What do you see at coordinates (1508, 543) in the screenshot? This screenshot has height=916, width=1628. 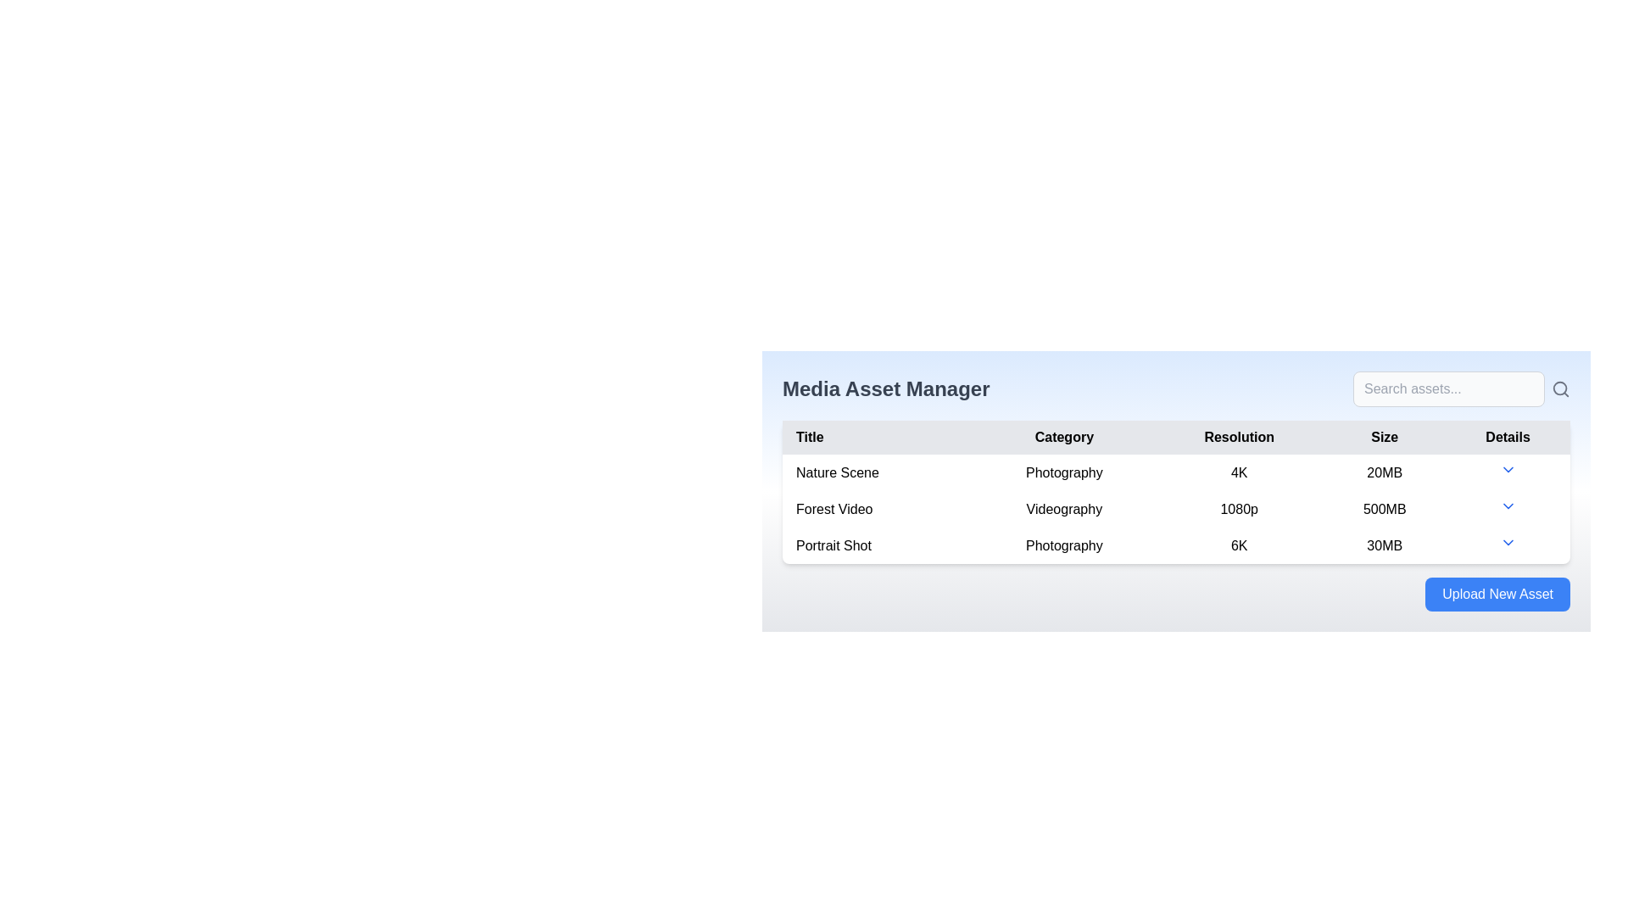 I see `the downward-facing blue arrow icon in the third dropdown indicator of the 'Details' column corresponding to the 'Portrait Shot' row` at bounding box center [1508, 543].